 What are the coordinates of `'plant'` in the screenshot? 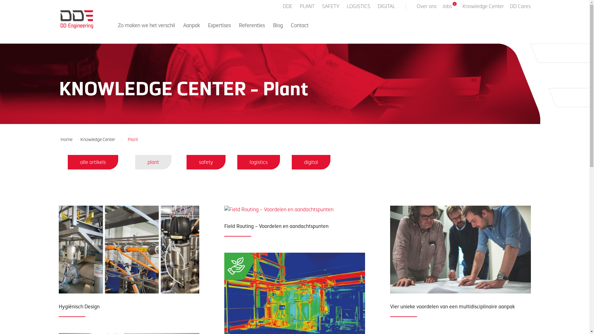 It's located at (153, 162).